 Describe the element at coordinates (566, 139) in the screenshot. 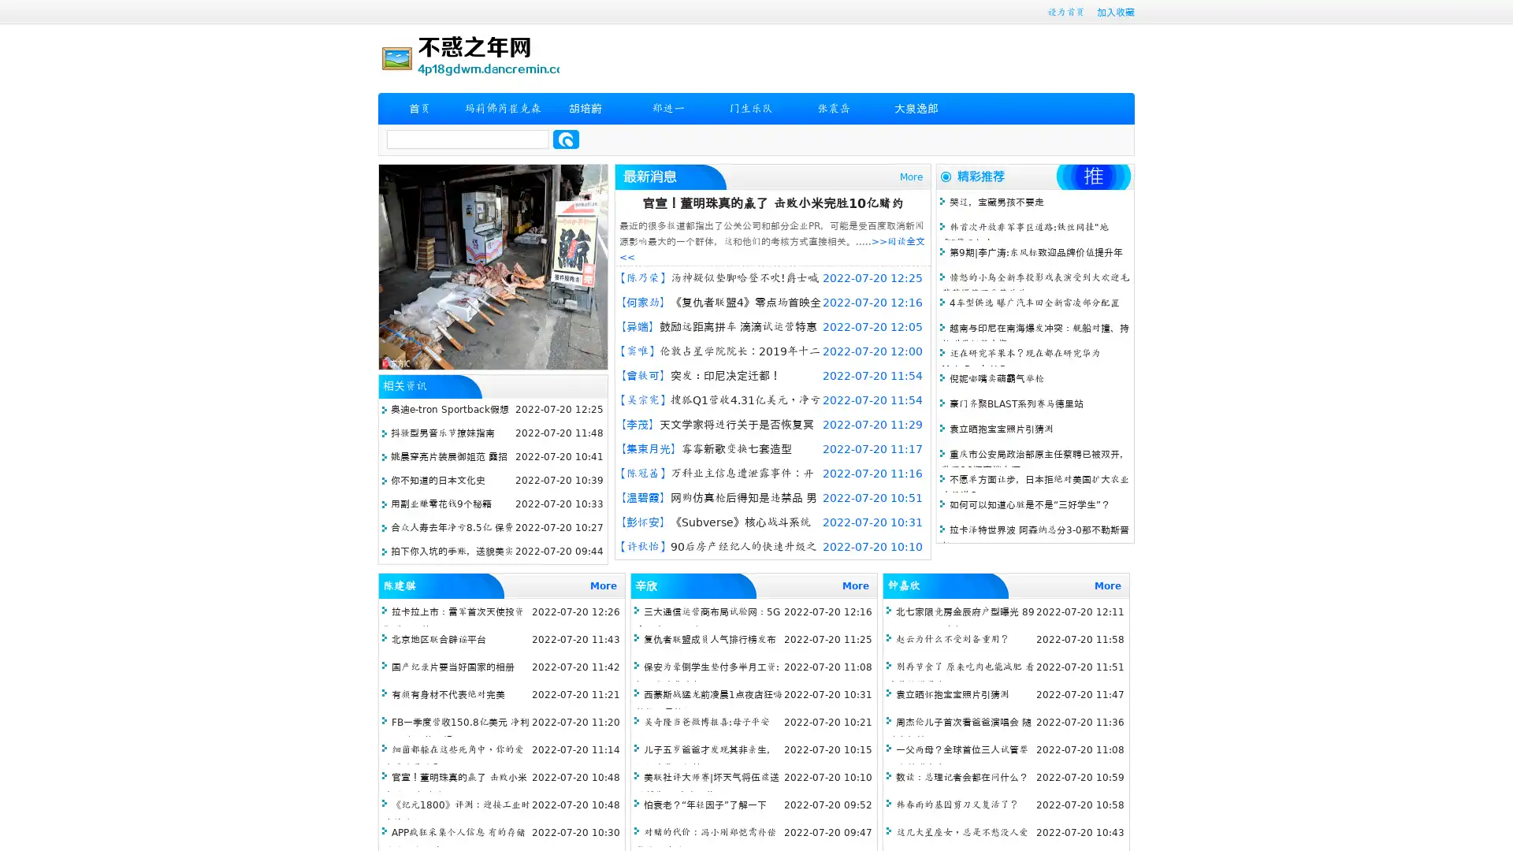

I see `Search` at that location.